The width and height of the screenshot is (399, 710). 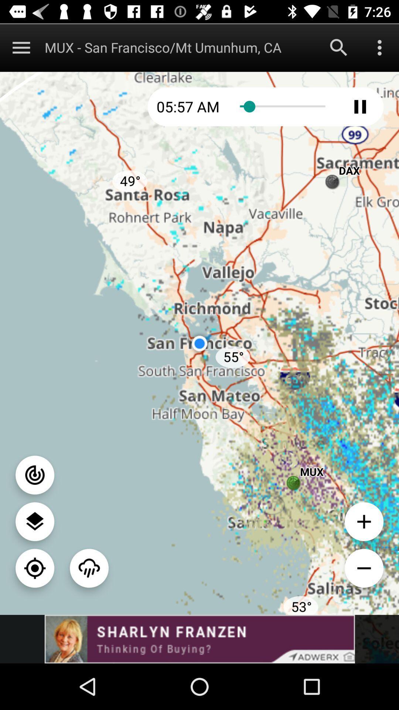 I want to click on the minus icon, so click(x=364, y=568).